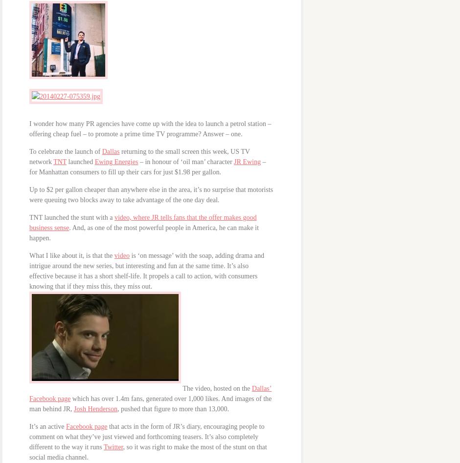 The width and height of the screenshot is (460, 463). Describe the element at coordinates (47, 426) in the screenshot. I see `'It’s an active'` at that location.